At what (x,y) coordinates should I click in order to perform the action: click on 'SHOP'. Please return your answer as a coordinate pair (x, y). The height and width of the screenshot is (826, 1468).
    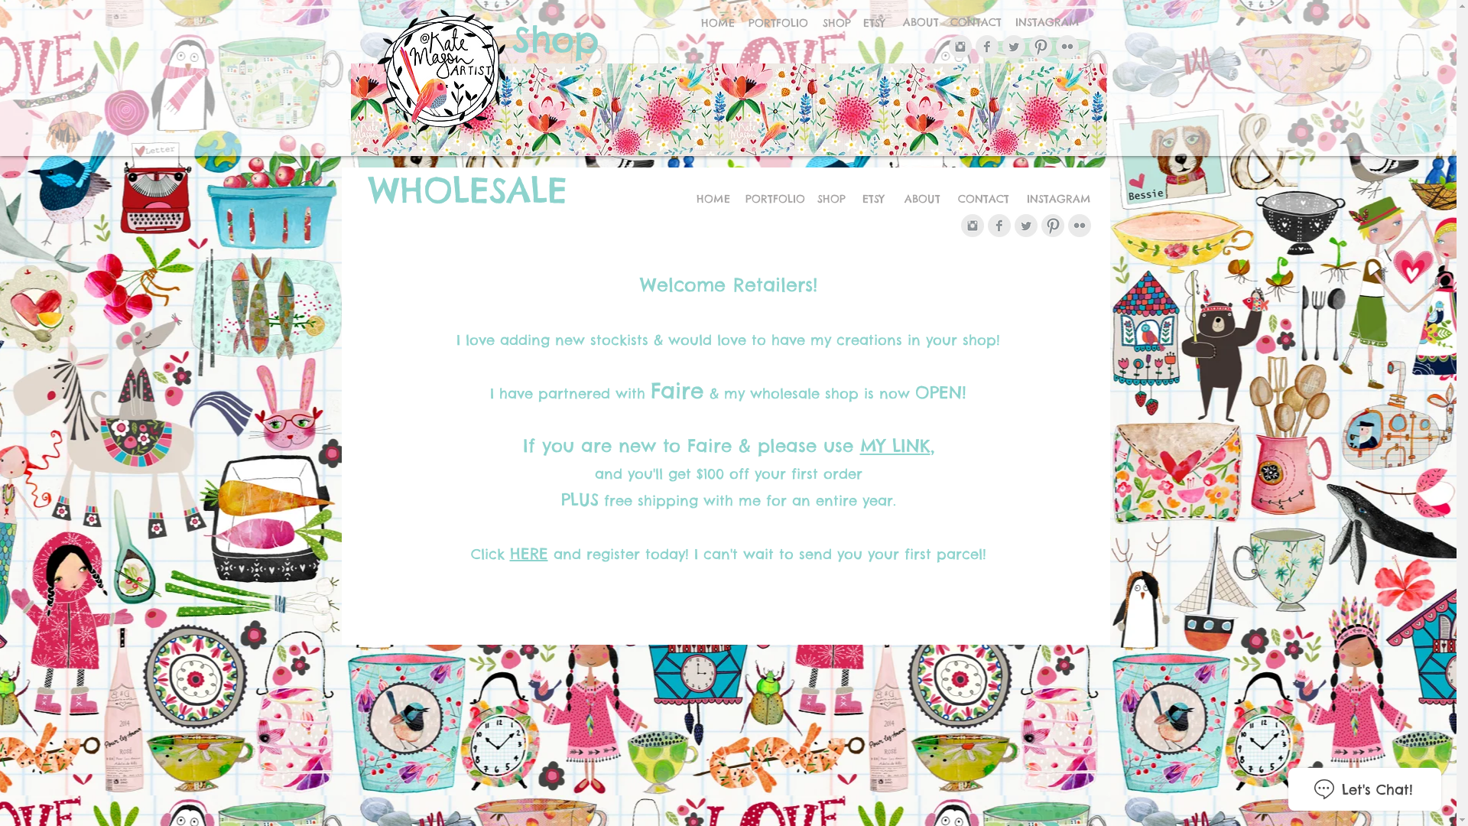
    Looking at the image, I should click on (835, 23).